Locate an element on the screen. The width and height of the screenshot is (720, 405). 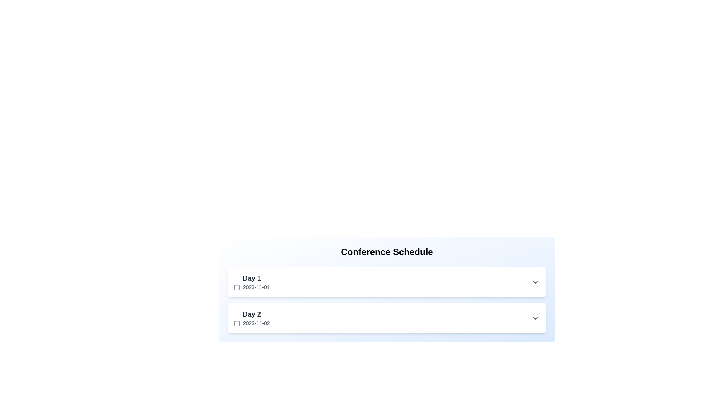
the rectangular base of the calendar icon, which is aligned with the text '2023-11-01' in the 'Day 1' schedule card is located at coordinates (237, 287).